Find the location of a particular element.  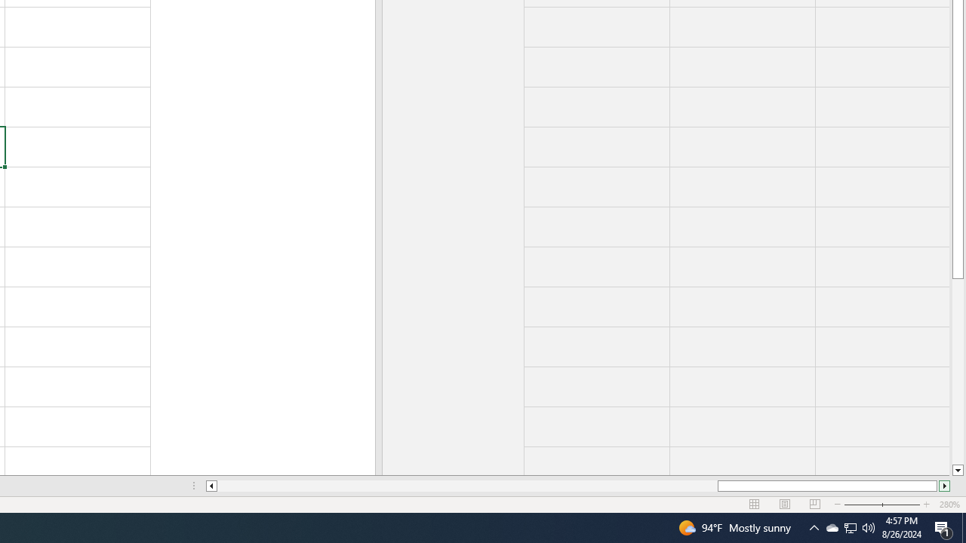

'Page Layout' is located at coordinates (785, 505).